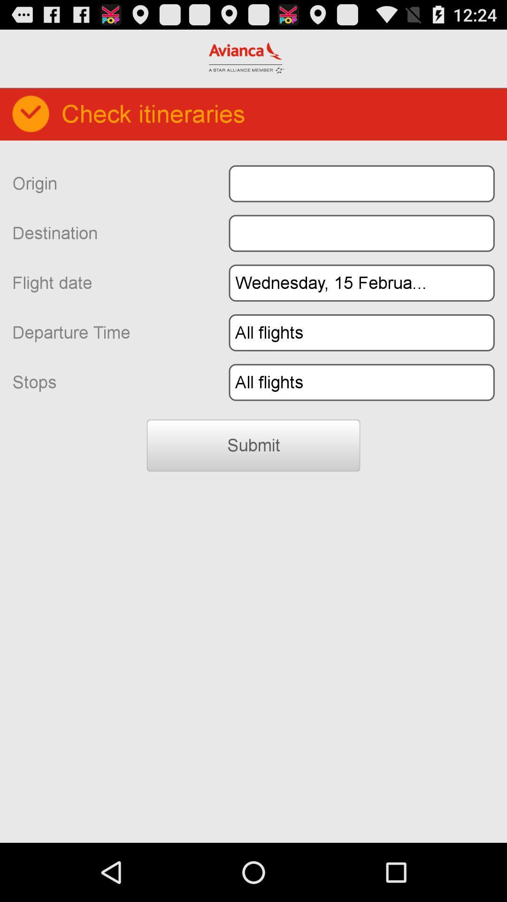  Describe the element at coordinates (361, 233) in the screenshot. I see `destination field` at that location.